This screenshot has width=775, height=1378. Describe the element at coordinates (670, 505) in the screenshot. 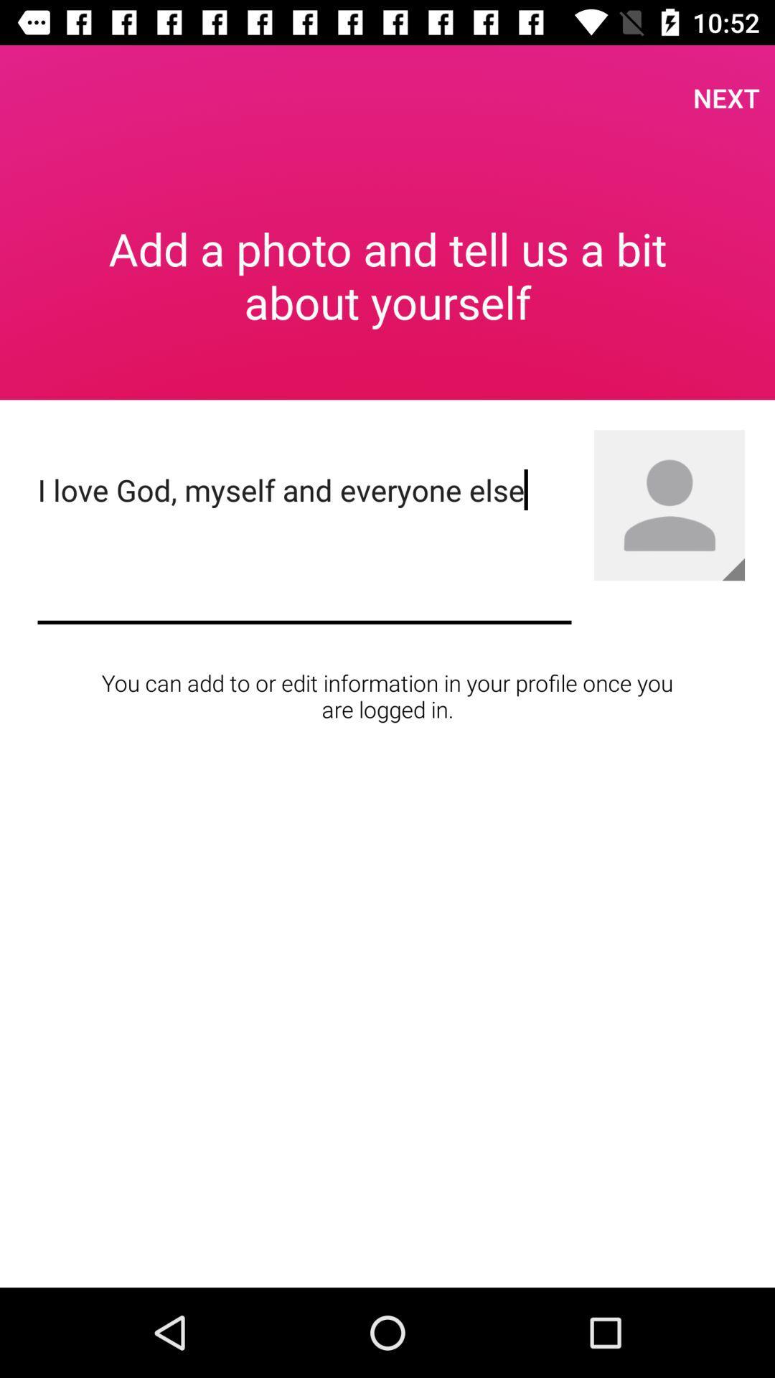

I see `profile picture` at that location.